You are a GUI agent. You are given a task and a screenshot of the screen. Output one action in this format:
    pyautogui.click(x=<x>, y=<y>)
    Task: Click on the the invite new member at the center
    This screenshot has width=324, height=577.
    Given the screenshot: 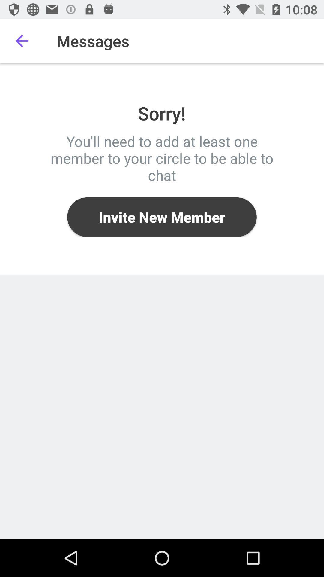 What is the action you would take?
    pyautogui.click(x=162, y=217)
    